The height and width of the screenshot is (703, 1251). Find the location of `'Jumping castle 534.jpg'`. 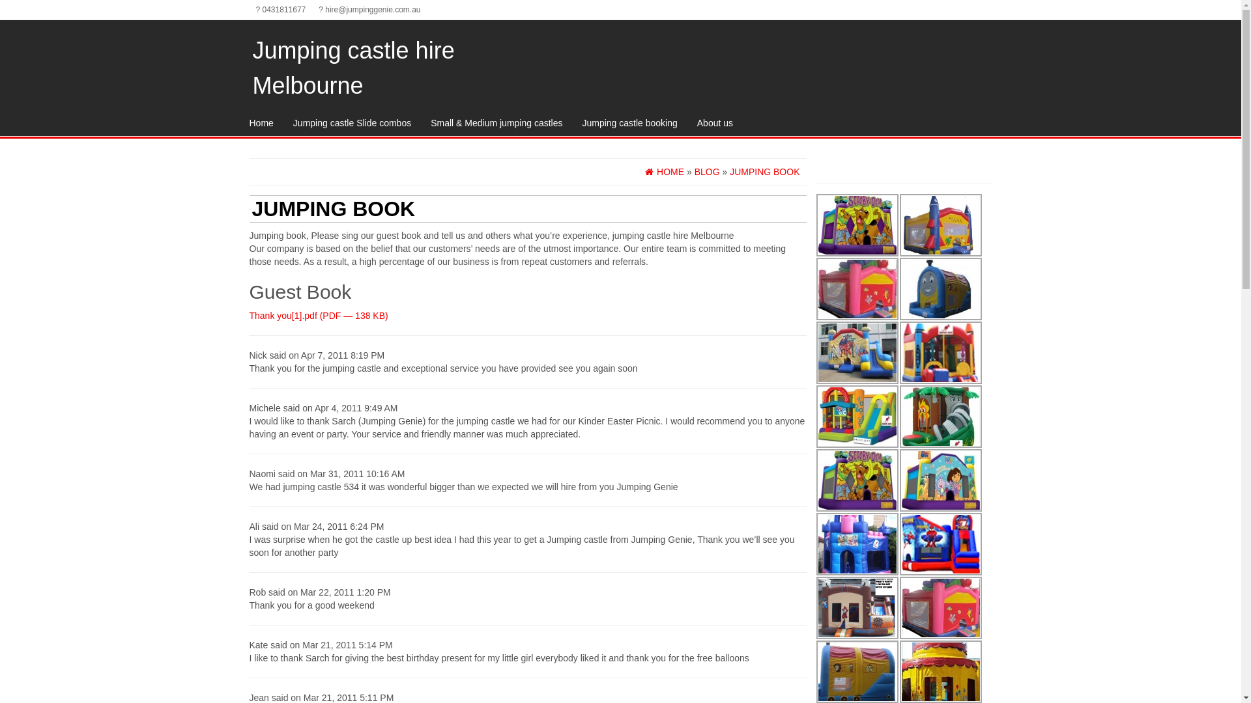

'Jumping castle 534.jpg' is located at coordinates (940, 417).